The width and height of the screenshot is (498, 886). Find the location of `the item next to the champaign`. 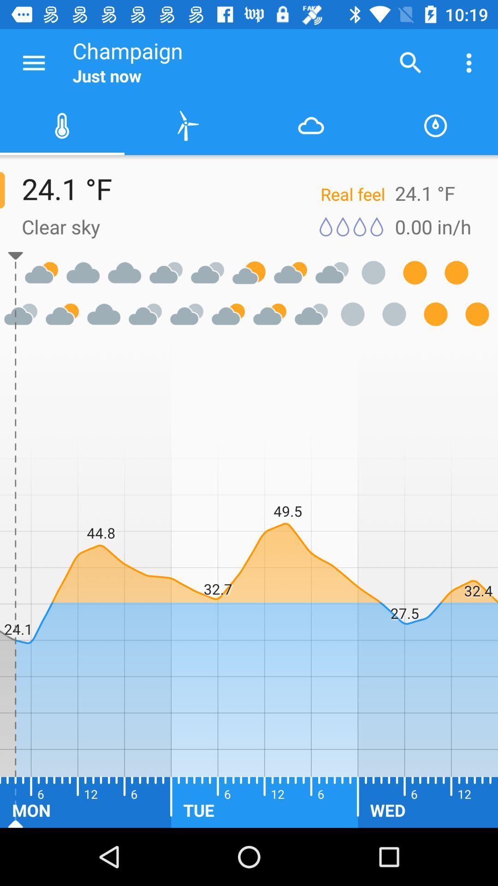

the item next to the champaign is located at coordinates (410, 62).